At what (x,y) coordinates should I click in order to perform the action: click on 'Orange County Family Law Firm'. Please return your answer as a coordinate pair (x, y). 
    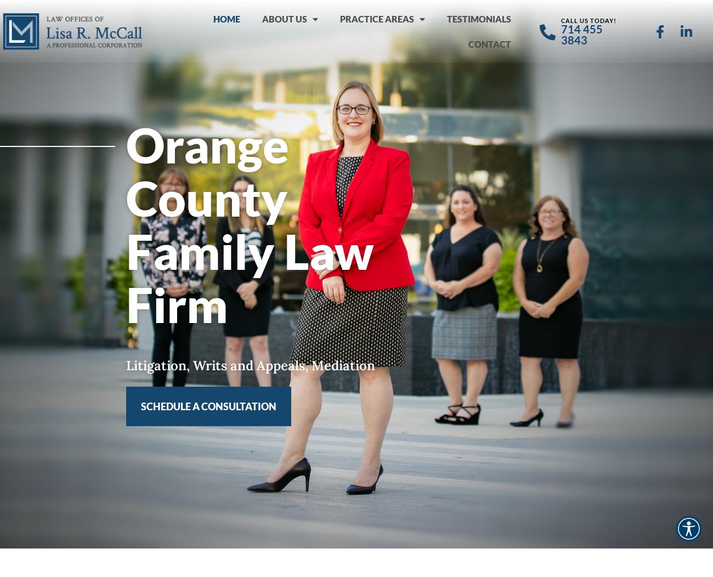
    Looking at the image, I should click on (250, 224).